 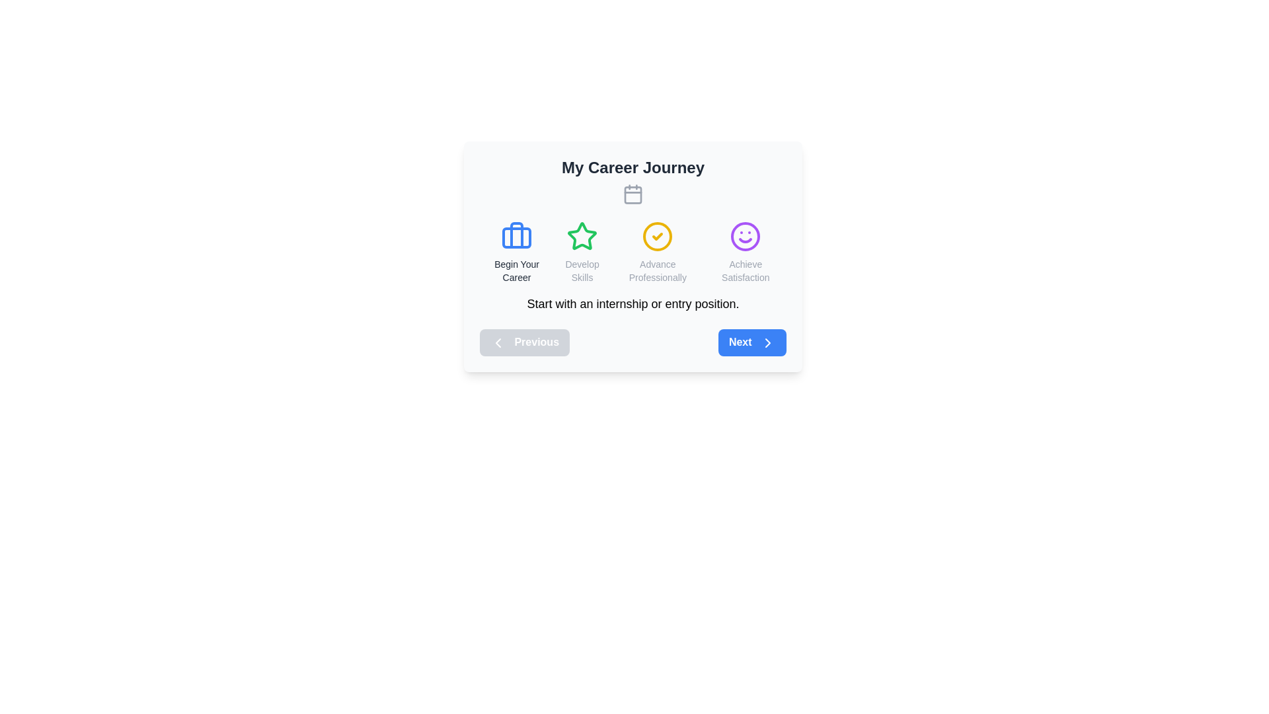 I want to click on the circular SVG graphic element representing the border within the 'Advance Professionally' icon to receive interactive feedback, so click(x=658, y=236).